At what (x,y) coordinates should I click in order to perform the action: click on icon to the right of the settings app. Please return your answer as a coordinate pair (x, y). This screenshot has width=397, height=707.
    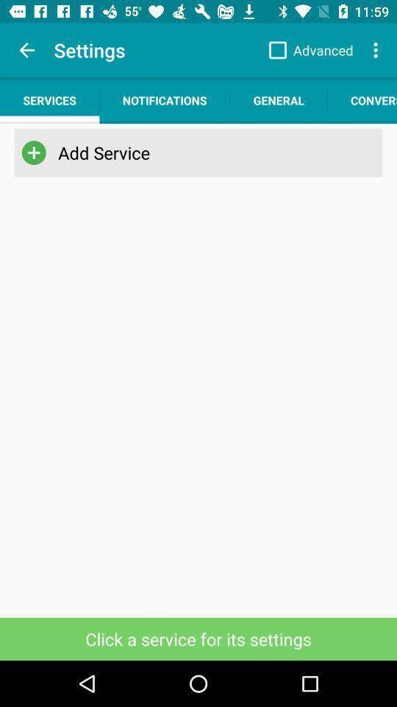
    Looking at the image, I should click on (307, 50).